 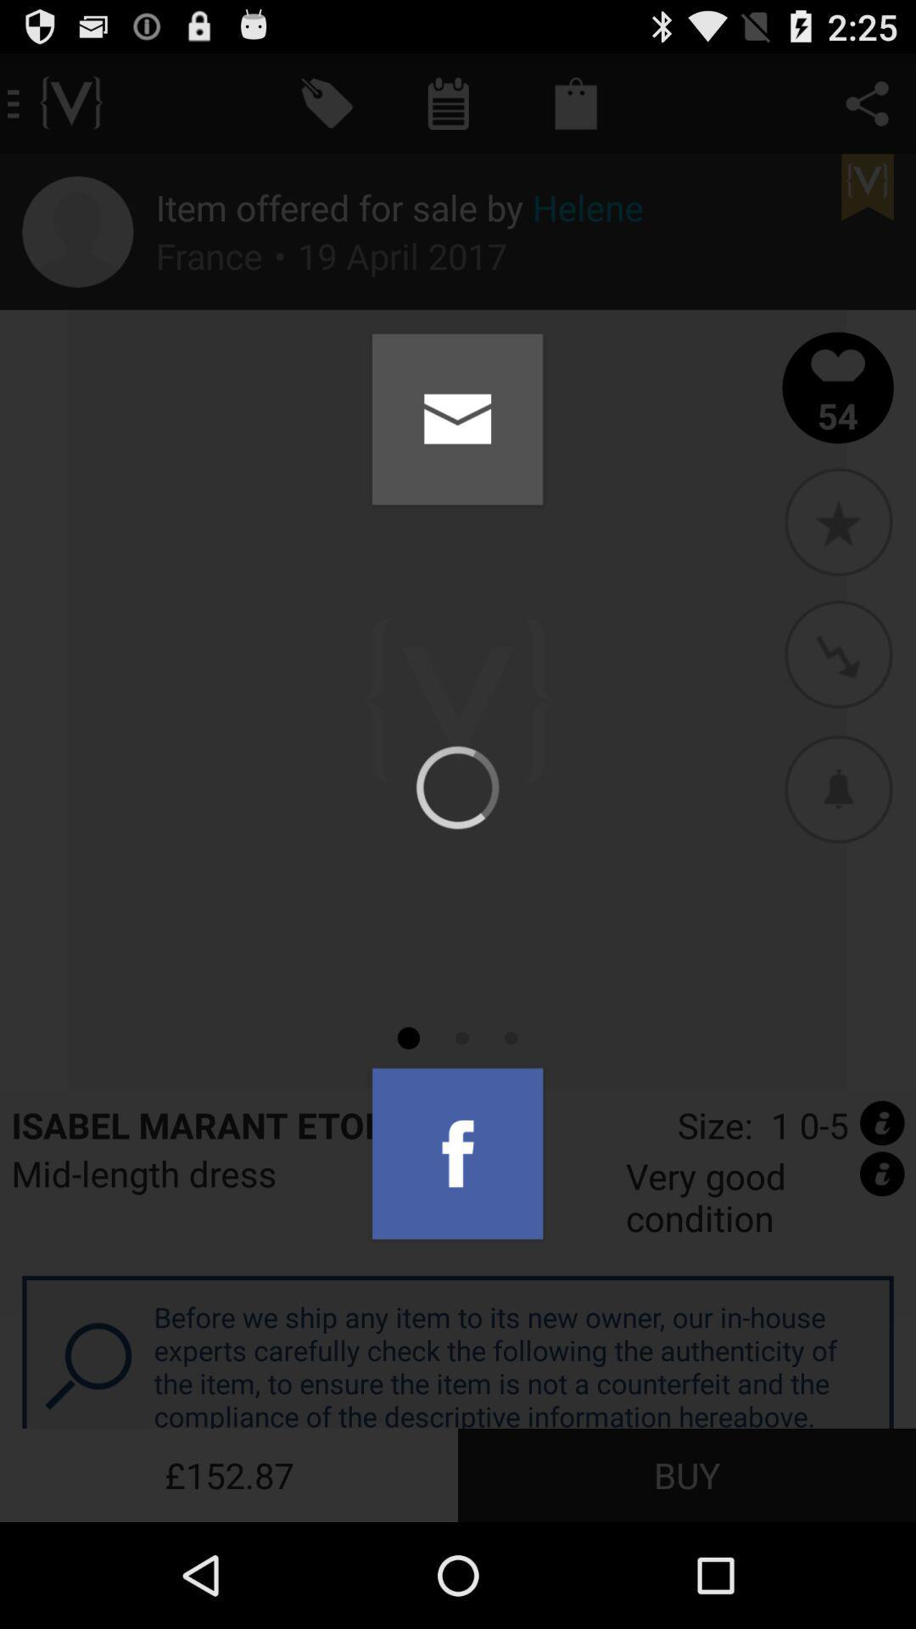 I want to click on item offered for icon, so click(x=399, y=206).